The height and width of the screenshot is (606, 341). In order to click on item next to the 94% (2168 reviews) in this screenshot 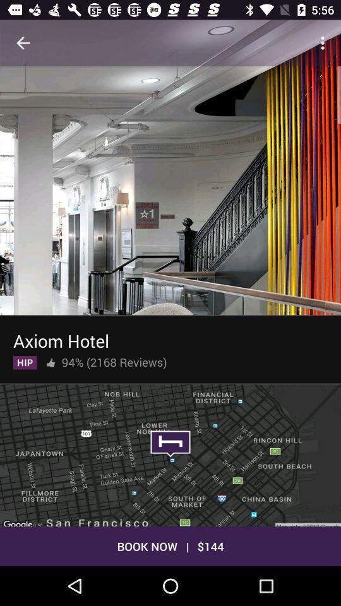, I will do `click(50, 360)`.